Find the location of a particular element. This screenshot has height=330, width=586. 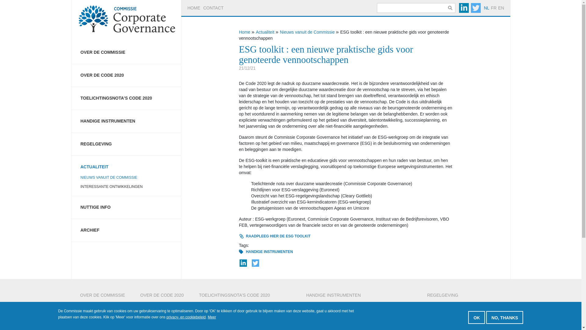

'Actualiteit' is located at coordinates (265, 32).